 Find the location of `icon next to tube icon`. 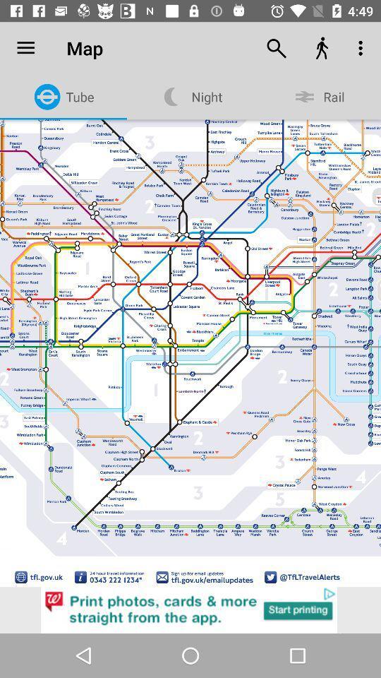

icon next to tube icon is located at coordinates (25, 48).